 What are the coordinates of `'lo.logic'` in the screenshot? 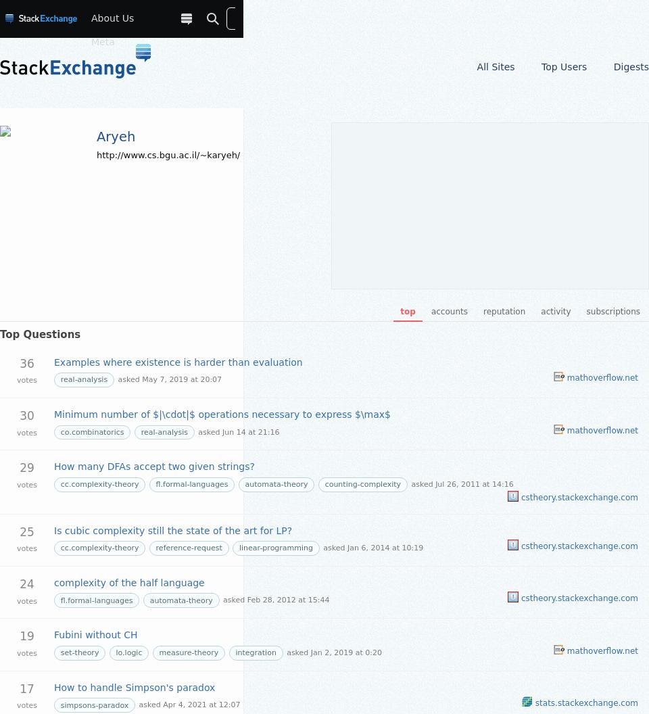 It's located at (128, 652).